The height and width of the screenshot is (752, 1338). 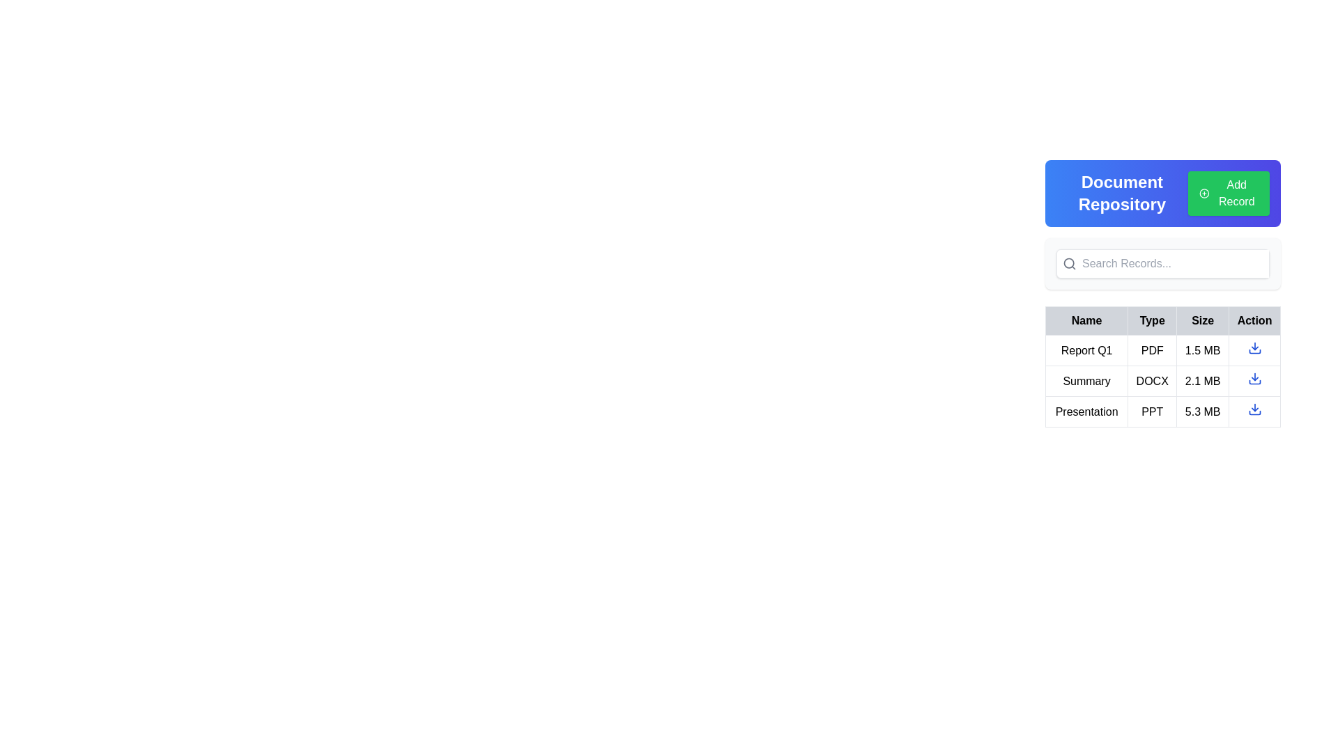 I want to click on the 'Type' column header in the data table, which is the second column header positioned between the 'Name' header on the left and the 'Size' header on the right, so click(x=1152, y=321).